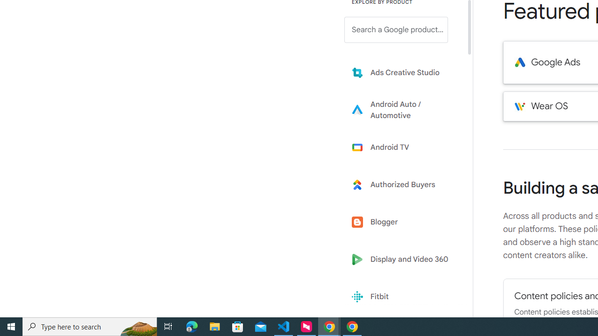 The width and height of the screenshot is (598, 336). I want to click on 'Learn more about Android TV', so click(403, 147).